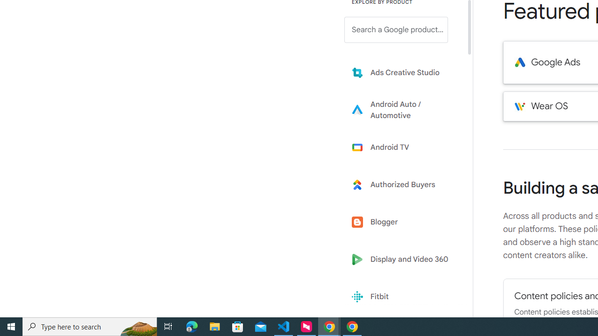 The width and height of the screenshot is (598, 336). I want to click on 'Learn more about Android TV', so click(403, 147).